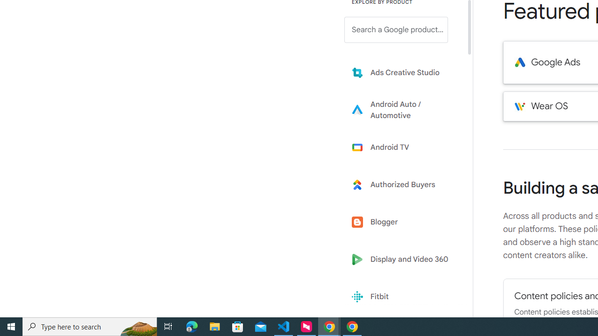 The width and height of the screenshot is (598, 336). I want to click on 'Learn more about Android TV', so click(403, 147).